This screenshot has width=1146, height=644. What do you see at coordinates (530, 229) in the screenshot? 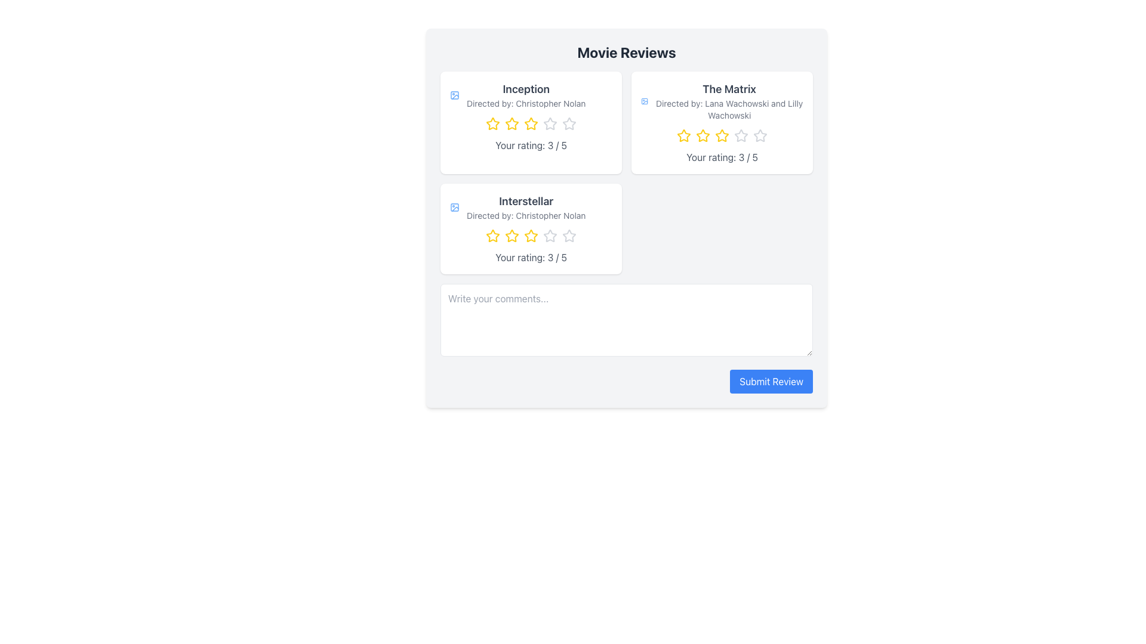
I see `the rating stars of the Movie Review Card displaying 'Interstellar', which is the third card in the grid layout of movie reviews` at bounding box center [530, 229].